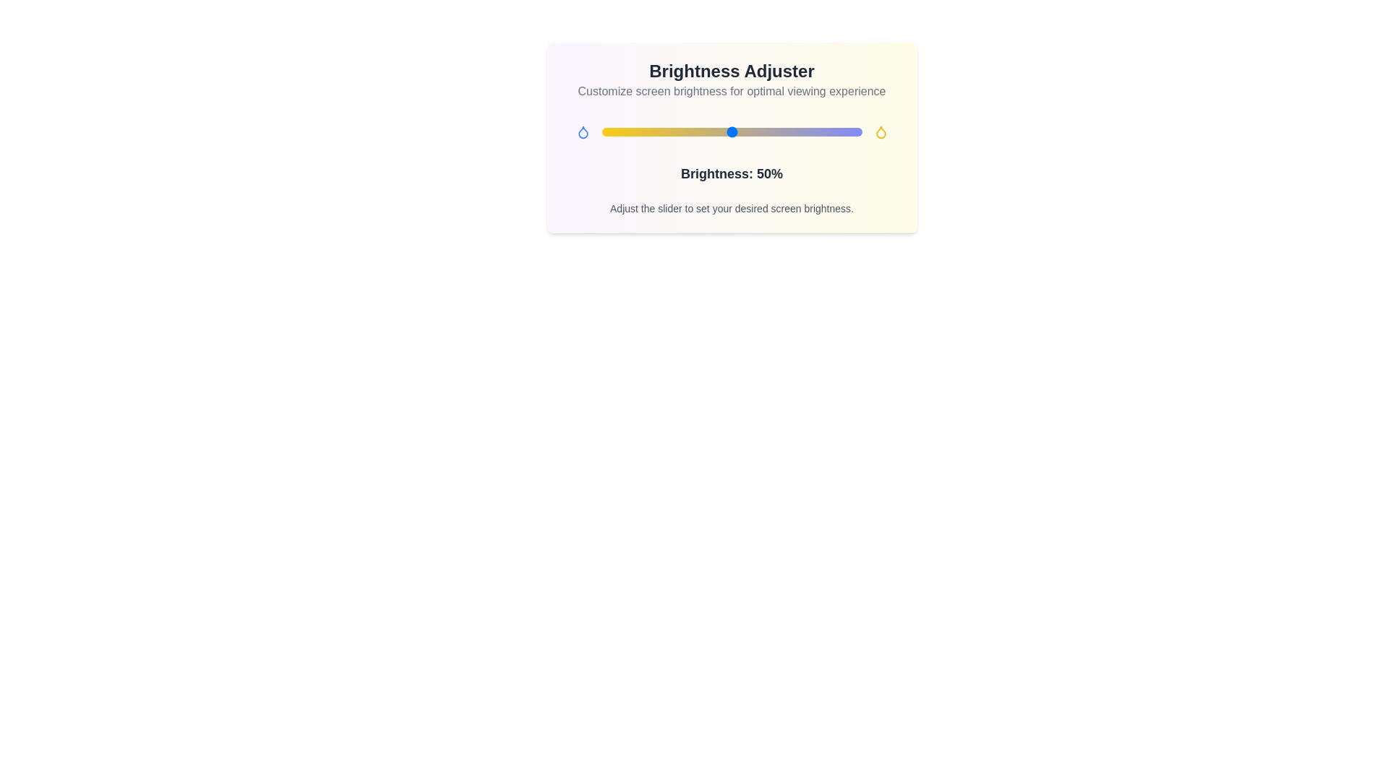 The image size is (1388, 780). What do you see at coordinates (734, 131) in the screenshot?
I see `the brightness slider to 51% to observe the gradient` at bounding box center [734, 131].